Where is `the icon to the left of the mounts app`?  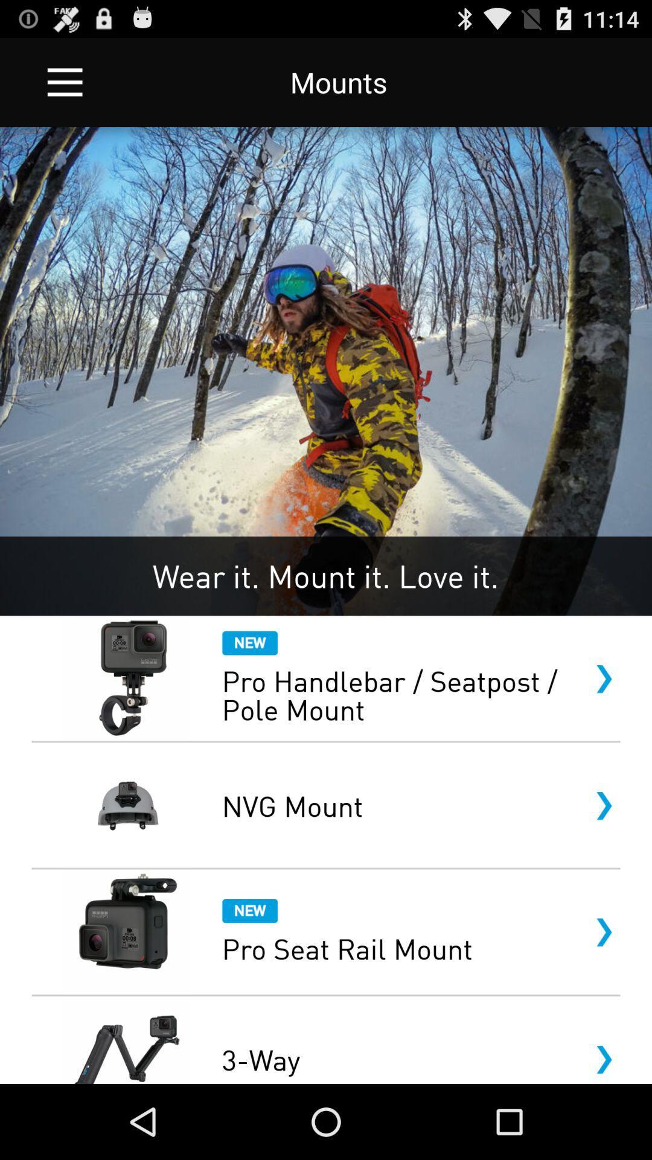
the icon to the left of the mounts app is located at coordinates (65, 82).